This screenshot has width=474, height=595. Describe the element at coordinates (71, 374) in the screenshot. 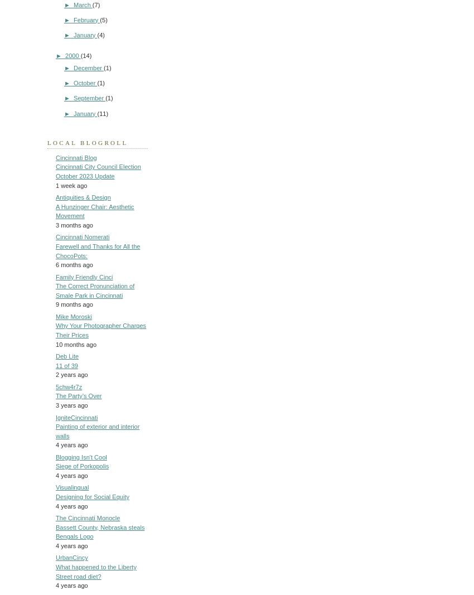

I see `'2 years ago'` at that location.